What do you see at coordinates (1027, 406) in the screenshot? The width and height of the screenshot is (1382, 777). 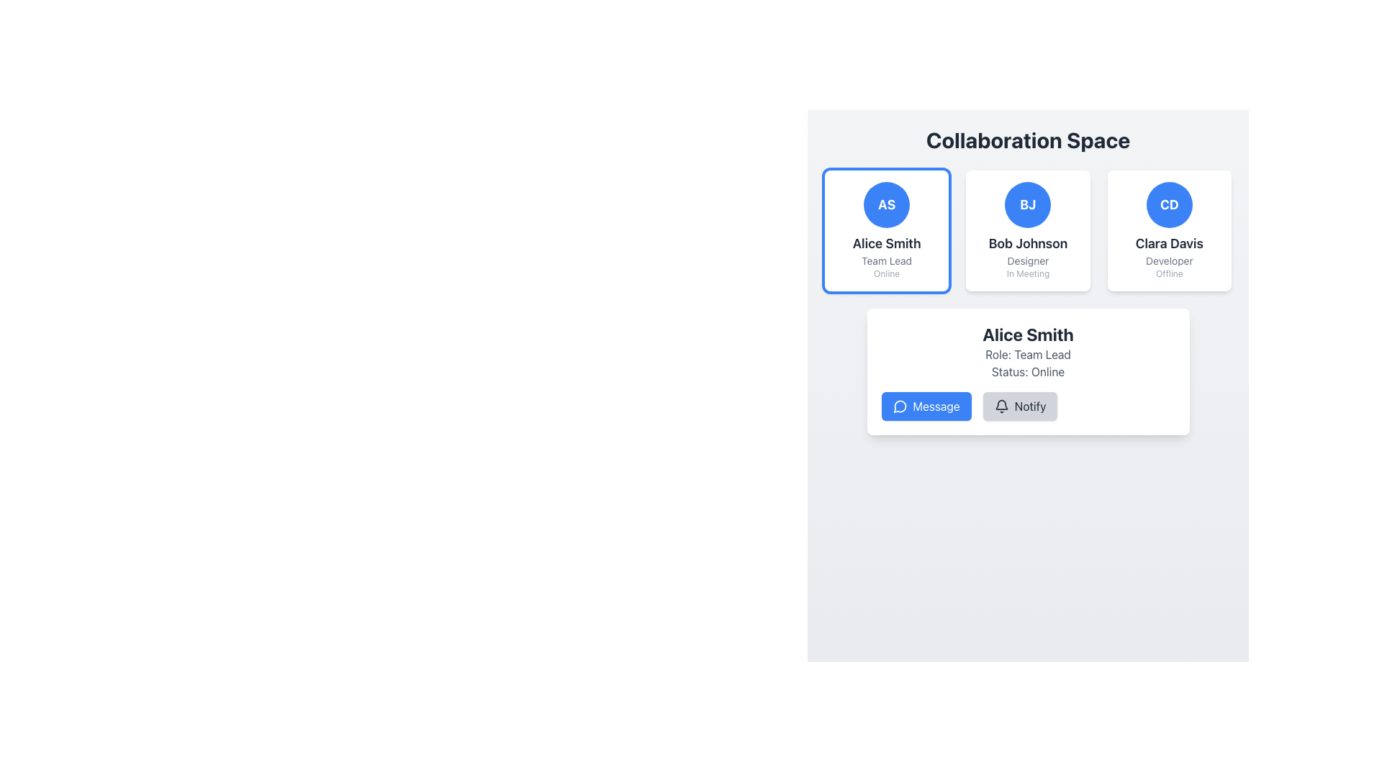 I see `the 'Notify' button located at the bottom section of the card displaying information about 'Alice Smith' to send a notification` at bounding box center [1027, 406].